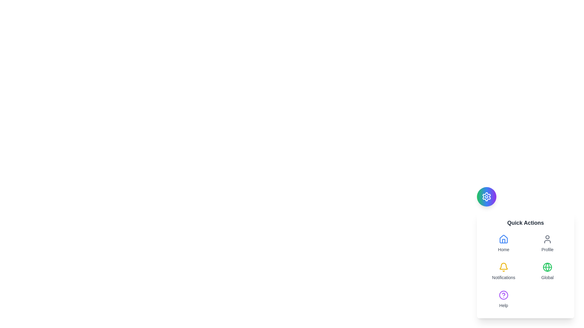  Describe the element at coordinates (504, 271) in the screenshot. I see `the notification button located in the second row, first column of the grid layout, directly beneath the 'Home' button` at that location.